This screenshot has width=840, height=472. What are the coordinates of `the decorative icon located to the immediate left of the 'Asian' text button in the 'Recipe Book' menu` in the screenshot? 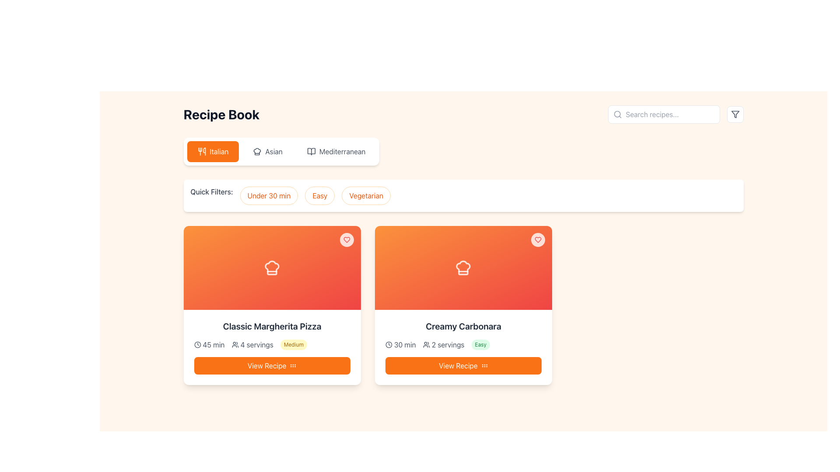 It's located at (257, 151).